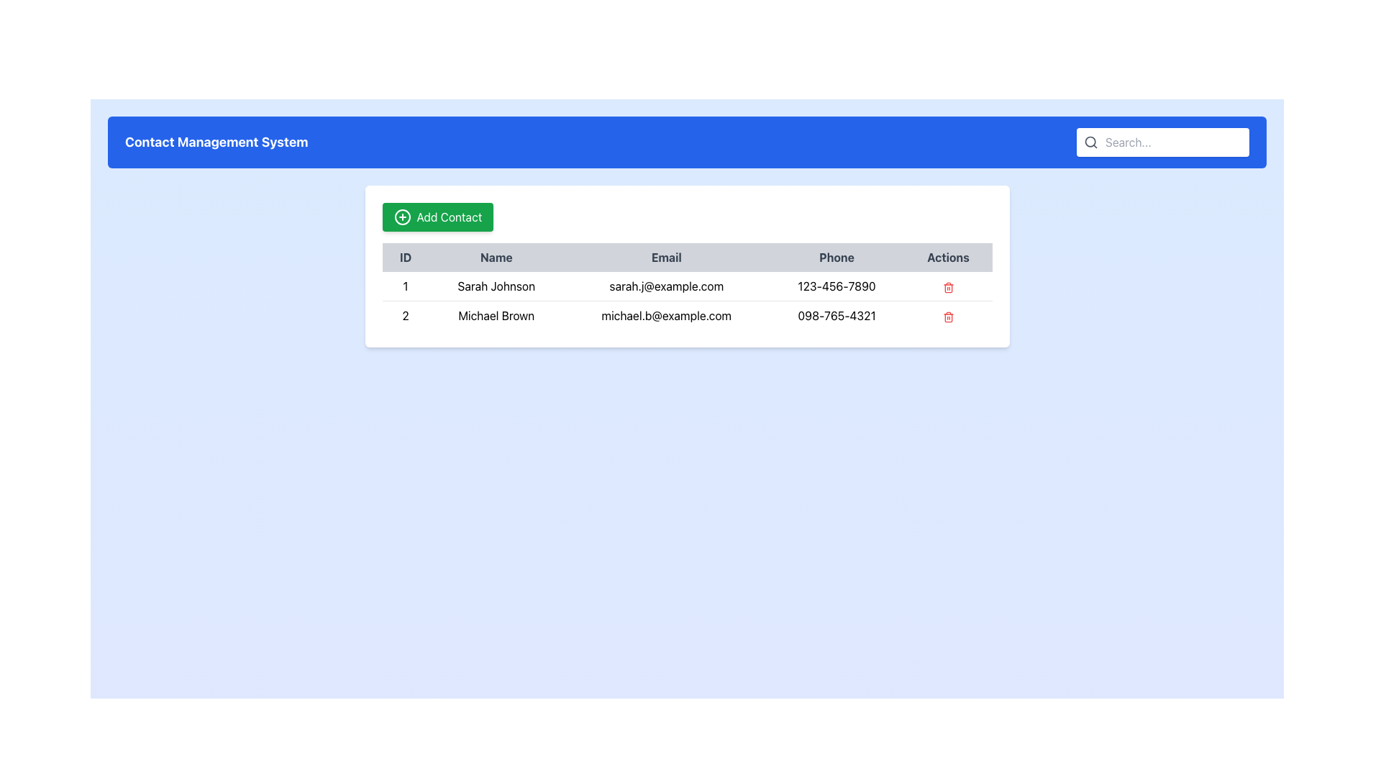  I want to click on the red trash can icon button located in the second row of the actions column, so click(948, 286).